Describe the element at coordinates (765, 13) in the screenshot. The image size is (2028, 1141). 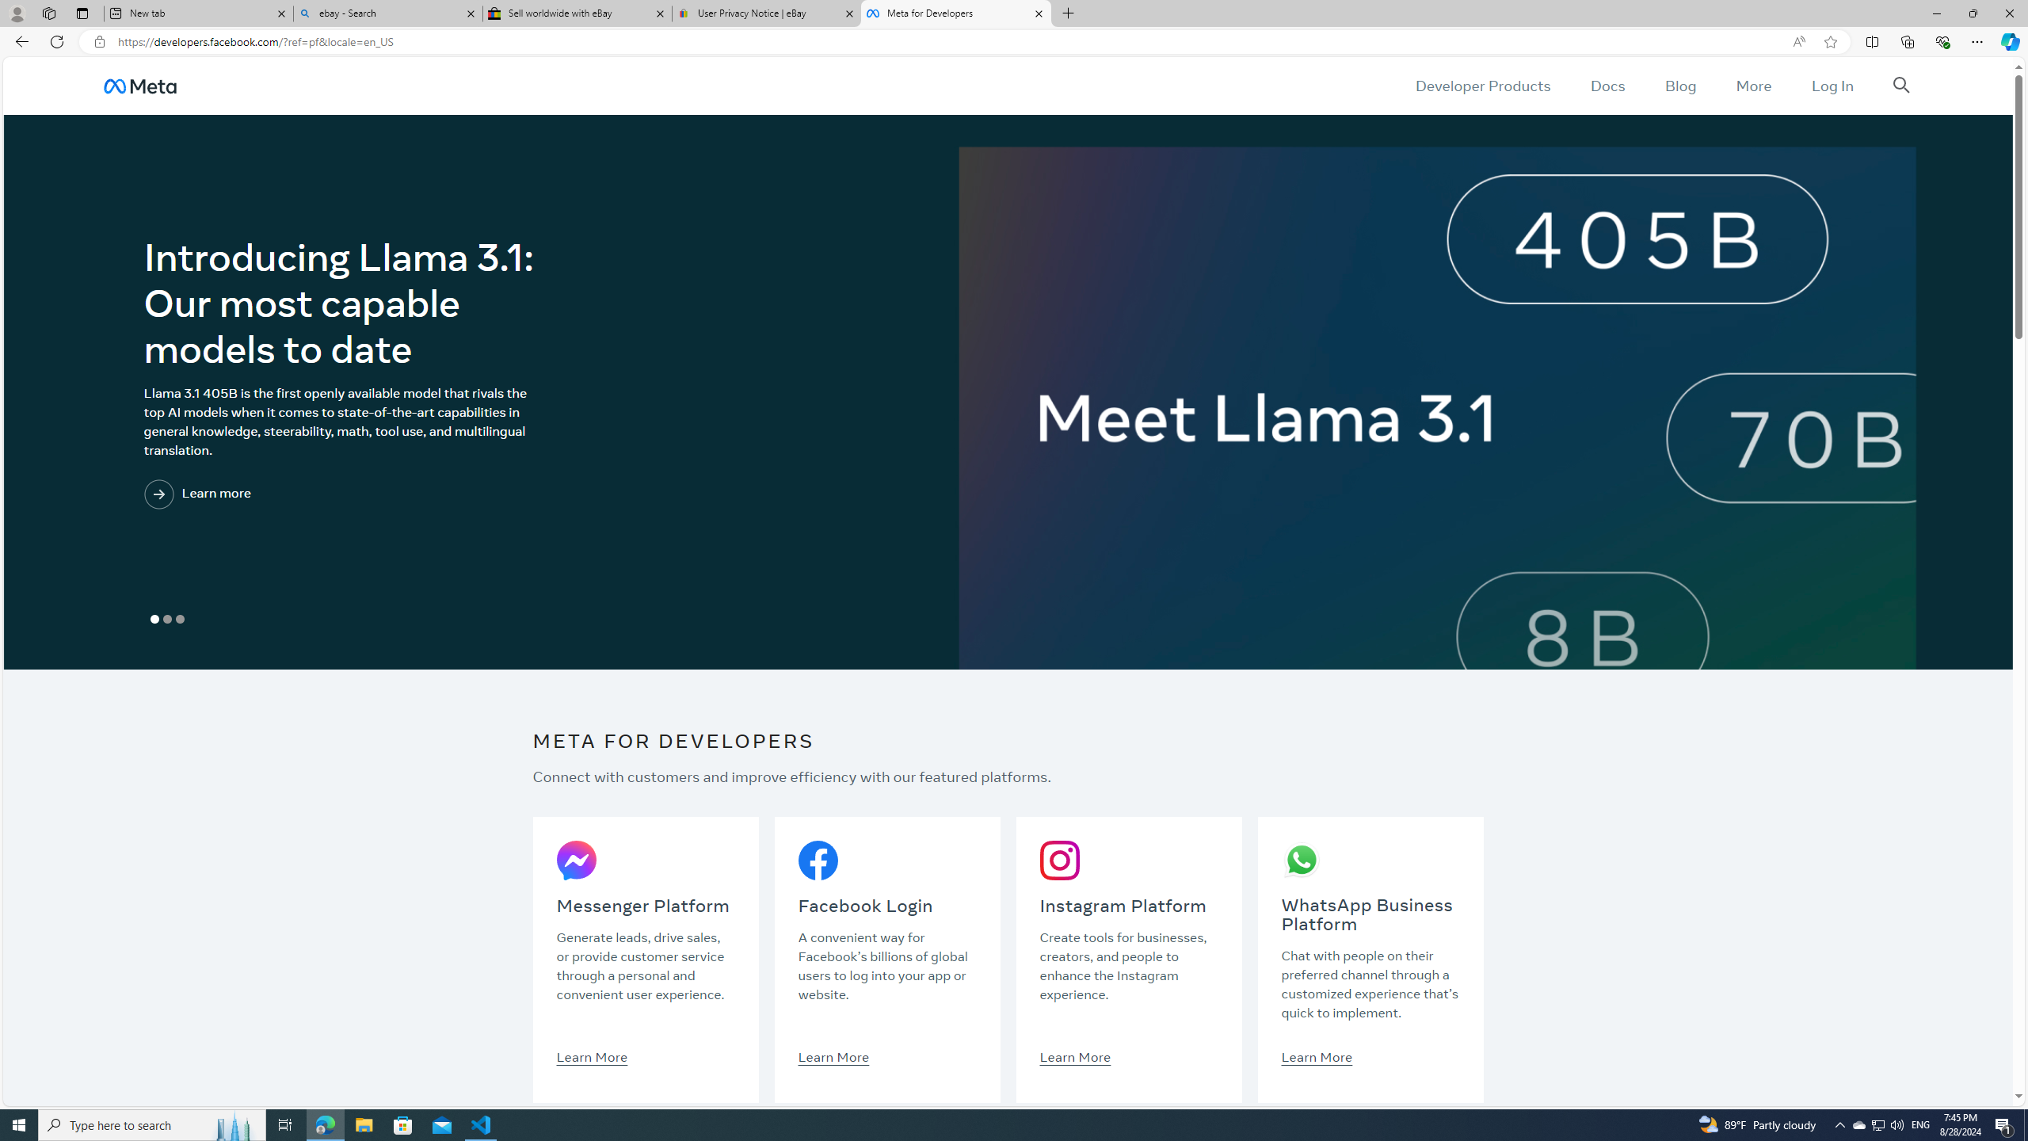
I see `'User Privacy Notice | eBay'` at that location.